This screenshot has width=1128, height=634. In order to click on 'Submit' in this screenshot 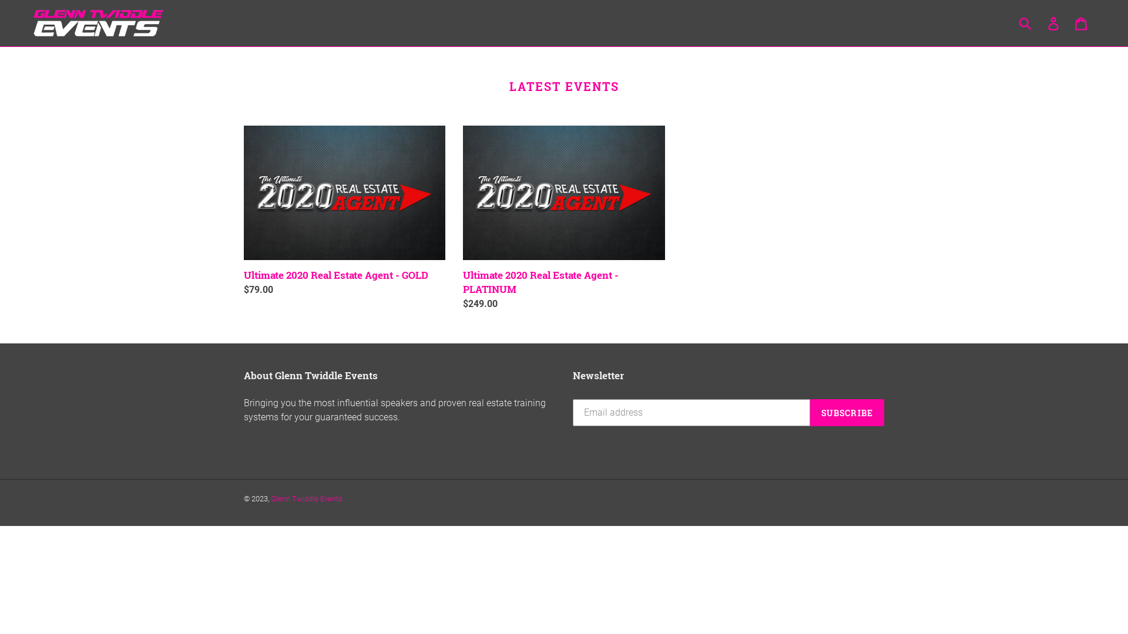, I will do `click(1025, 22)`.